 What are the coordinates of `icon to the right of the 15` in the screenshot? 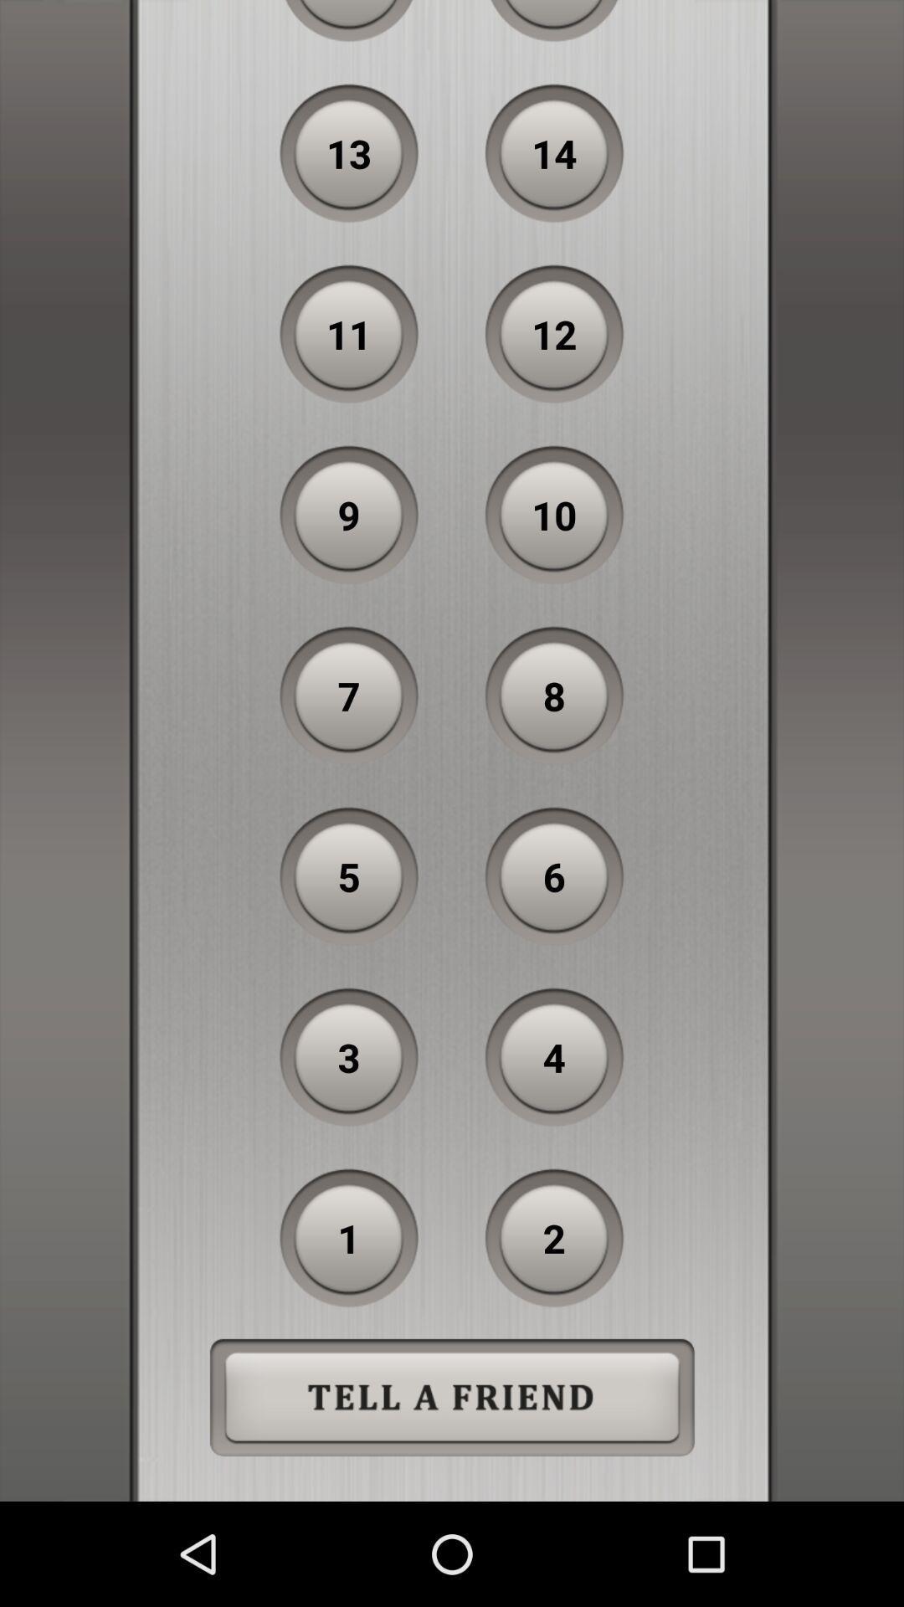 It's located at (554, 21).